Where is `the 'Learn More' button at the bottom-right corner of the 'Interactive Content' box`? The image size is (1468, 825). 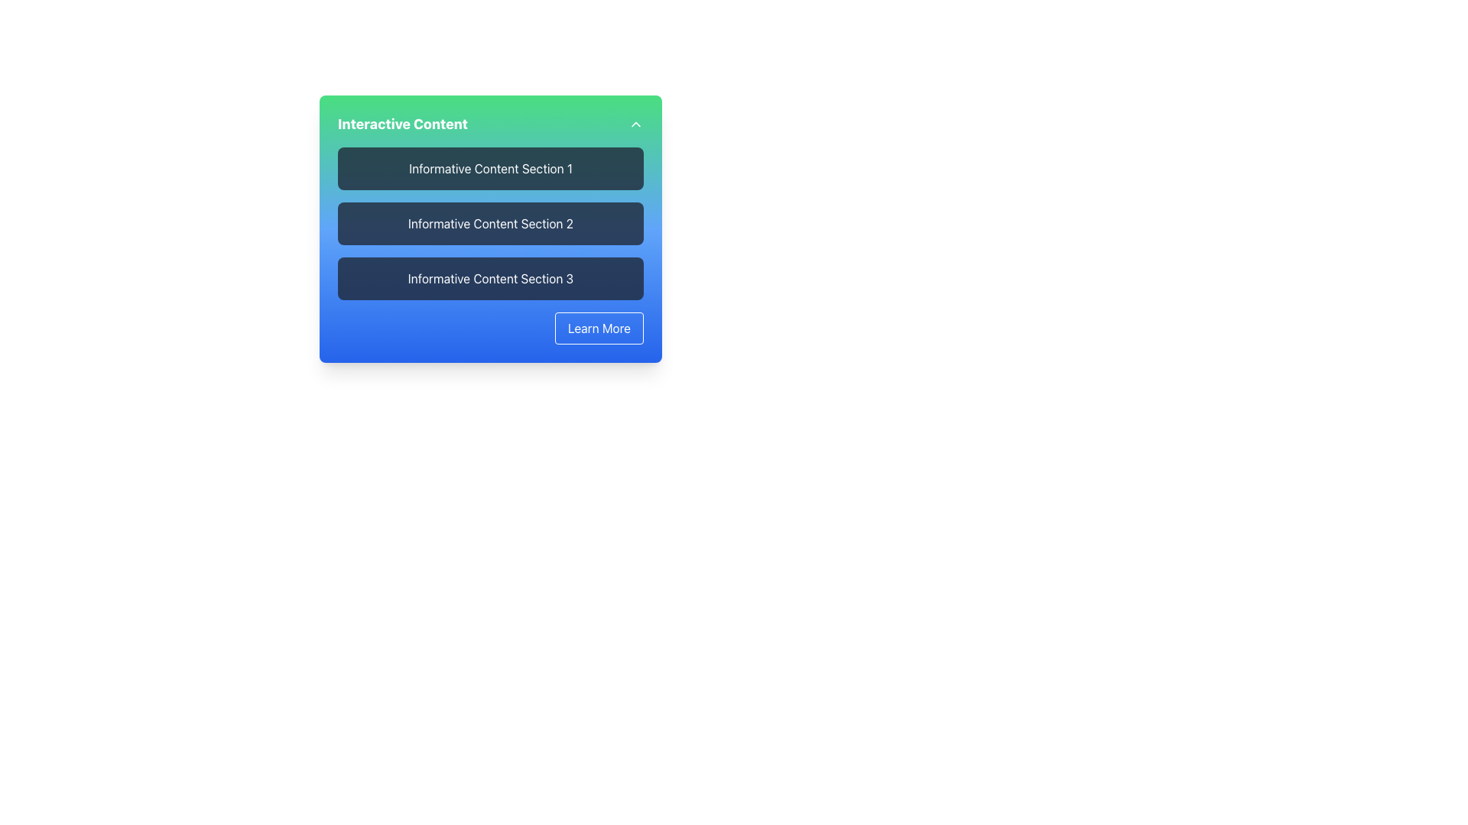
the 'Learn More' button at the bottom-right corner of the 'Interactive Content' box is located at coordinates (598, 327).